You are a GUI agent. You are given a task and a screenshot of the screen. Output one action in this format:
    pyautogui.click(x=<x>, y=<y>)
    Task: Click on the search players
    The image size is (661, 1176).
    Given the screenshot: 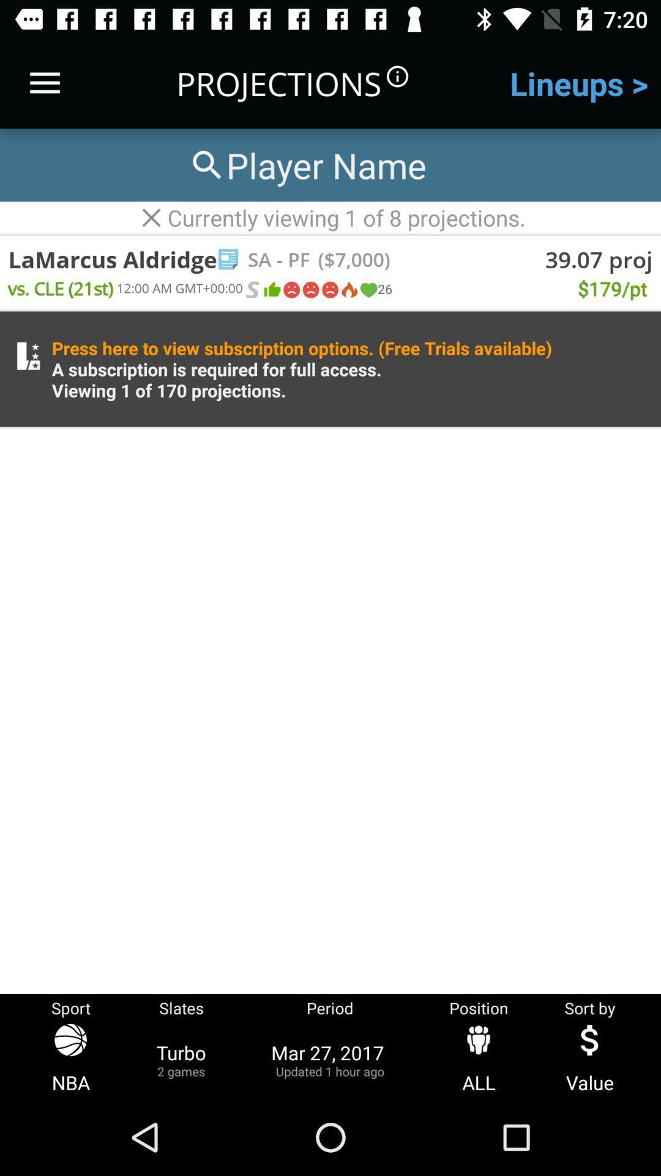 What is the action you would take?
    pyautogui.click(x=306, y=164)
    